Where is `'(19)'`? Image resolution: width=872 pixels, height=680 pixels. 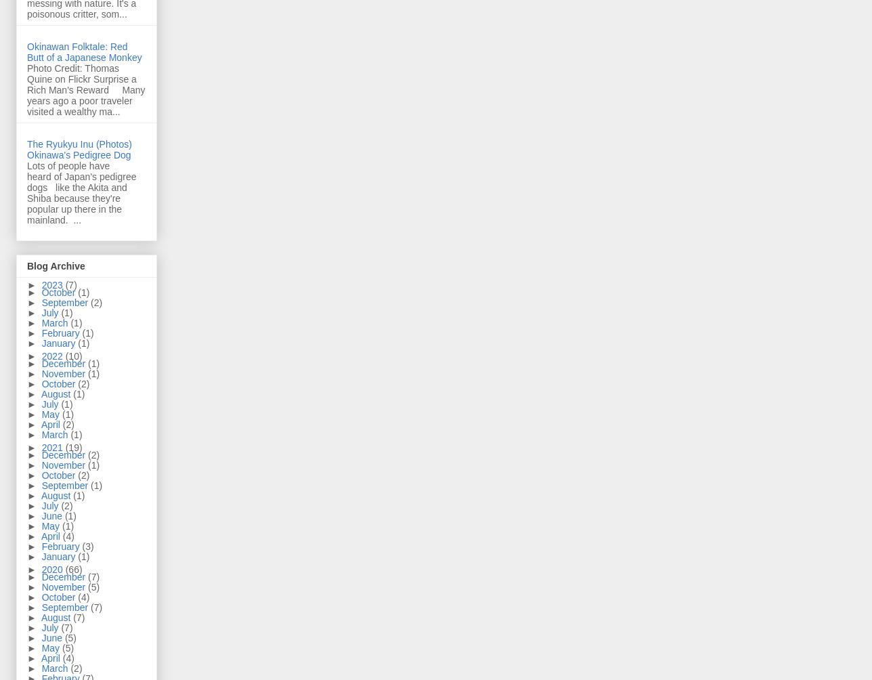 '(19)' is located at coordinates (73, 446).